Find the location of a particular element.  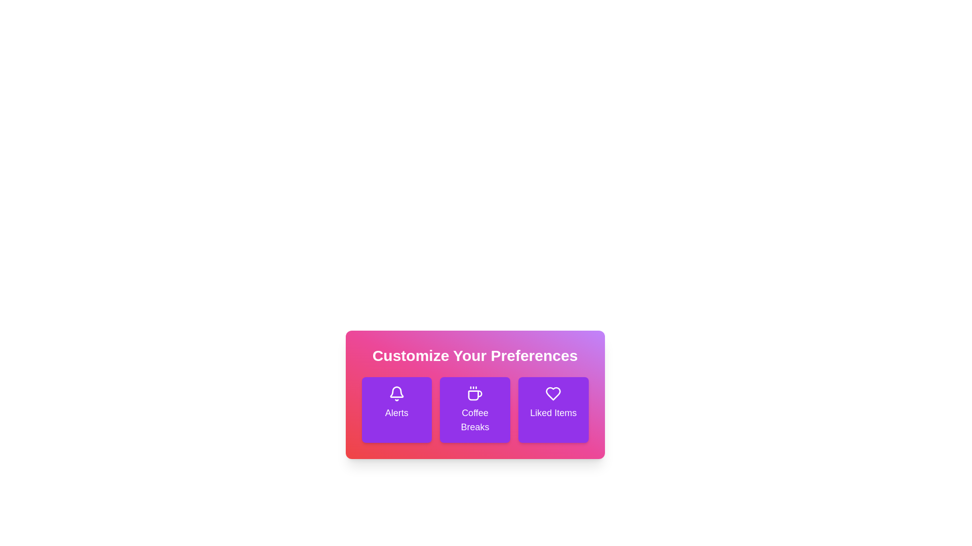

the 'Coffee Breaks' selectable card located in the colorful area labeled 'Customize Your Preferences' to trigger the hover effect is located at coordinates (474, 409).